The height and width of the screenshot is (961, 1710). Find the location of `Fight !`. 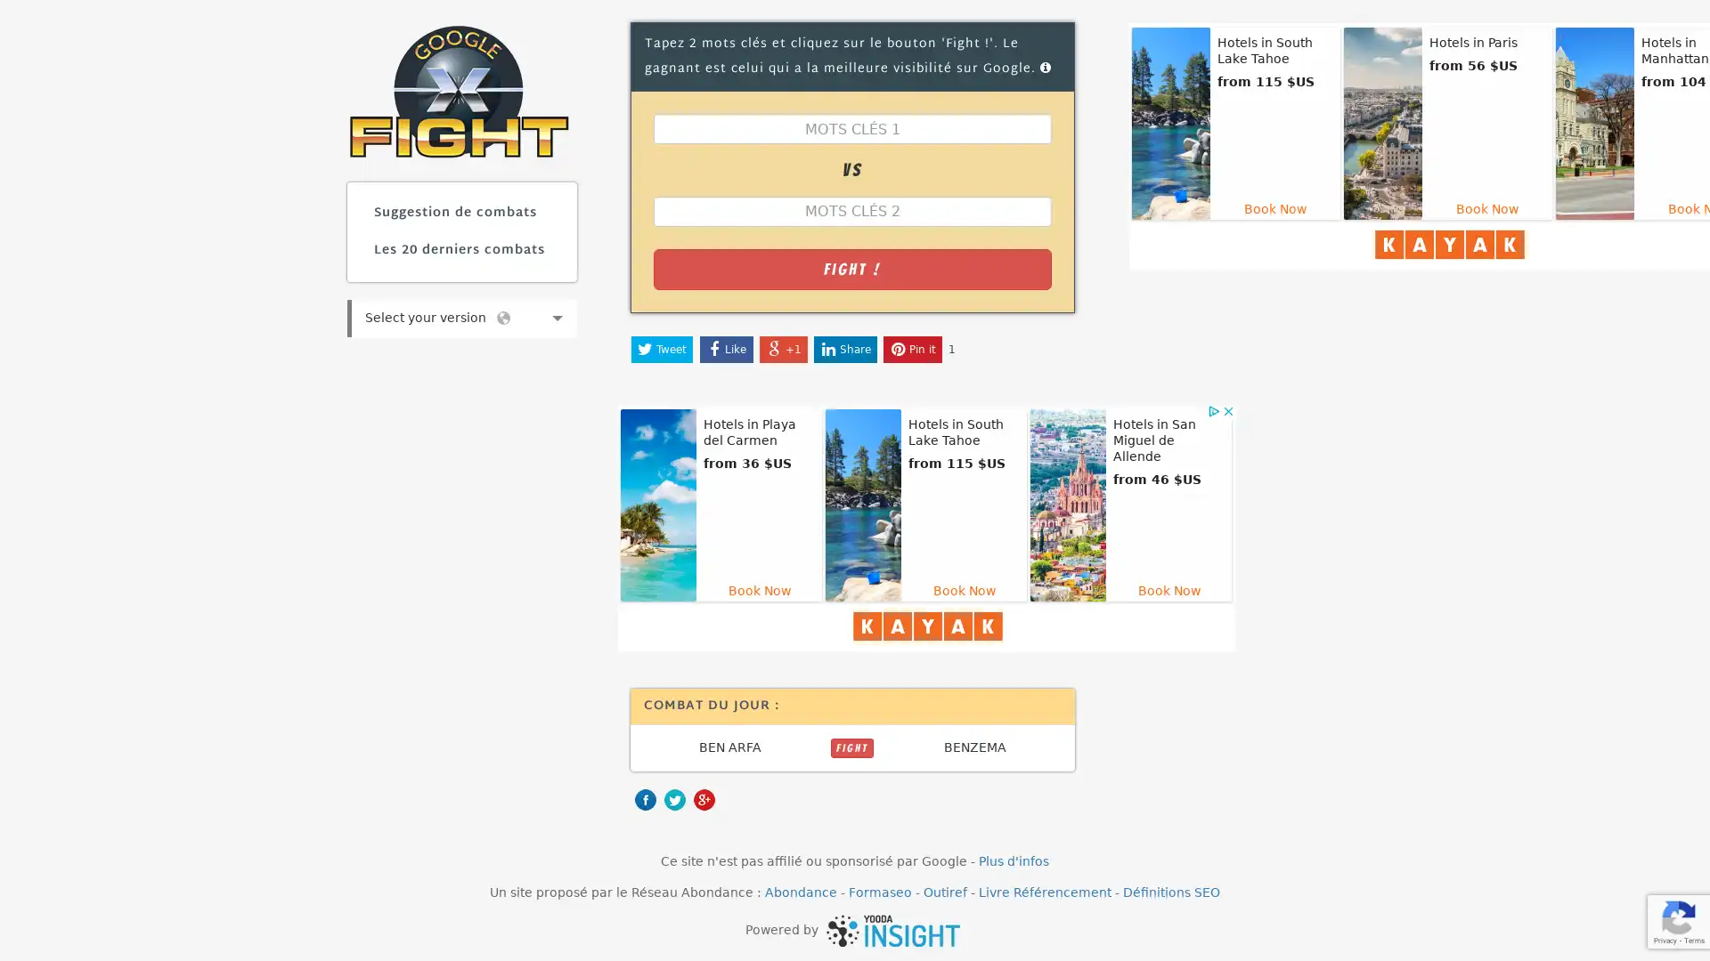

Fight ! is located at coordinates (851, 268).